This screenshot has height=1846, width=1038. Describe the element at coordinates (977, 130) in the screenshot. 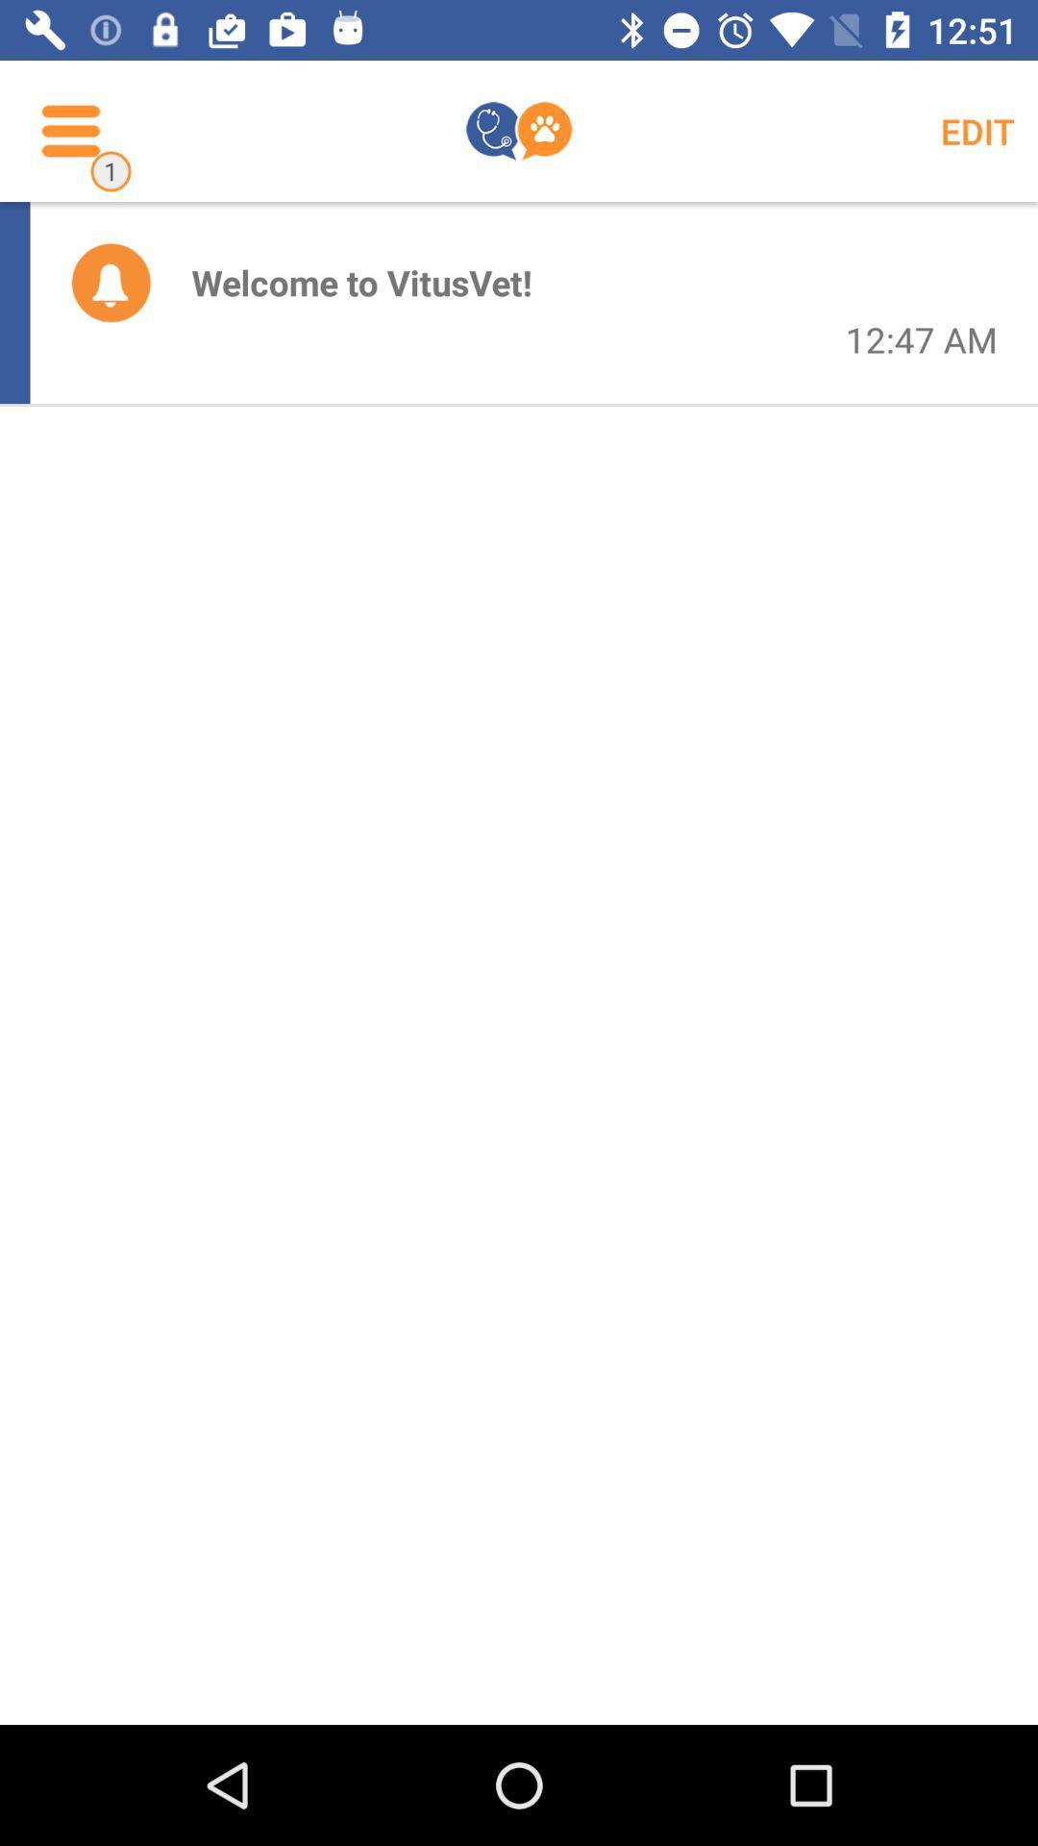

I see `the icon above the 12:47 am` at that location.